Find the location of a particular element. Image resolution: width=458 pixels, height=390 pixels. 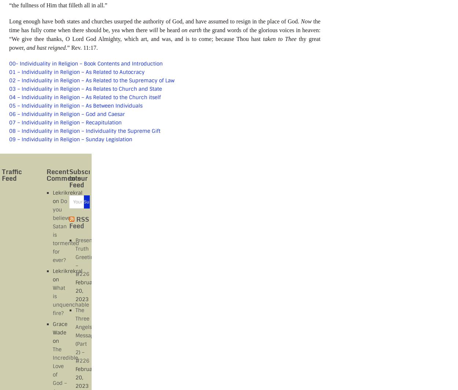

'01 – Individuality in Religion – As Related to Autocracy' is located at coordinates (77, 71).